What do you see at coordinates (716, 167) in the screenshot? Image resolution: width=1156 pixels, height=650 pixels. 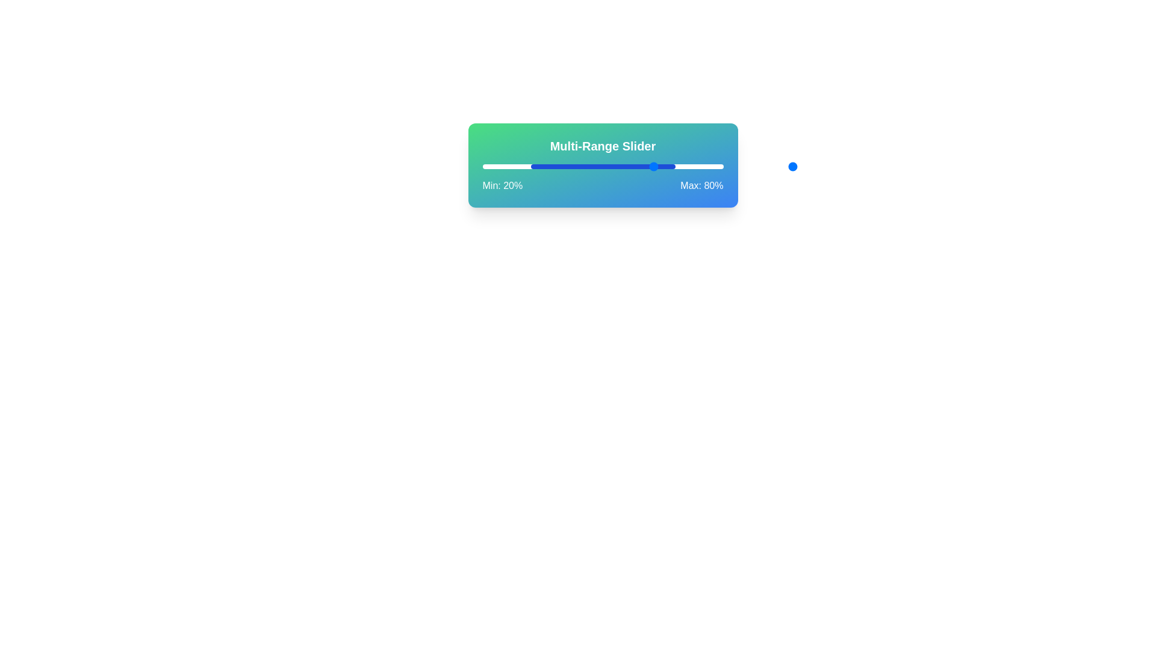 I see `the slider` at bounding box center [716, 167].